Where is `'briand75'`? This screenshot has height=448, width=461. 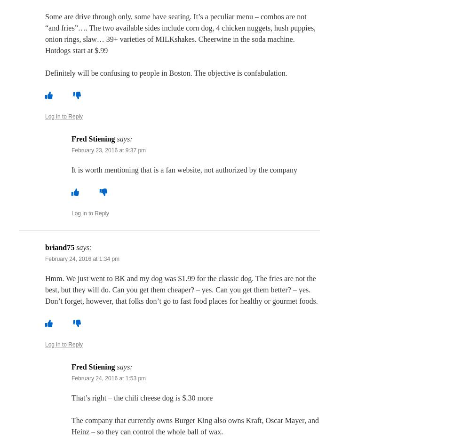
'briand75' is located at coordinates (60, 247).